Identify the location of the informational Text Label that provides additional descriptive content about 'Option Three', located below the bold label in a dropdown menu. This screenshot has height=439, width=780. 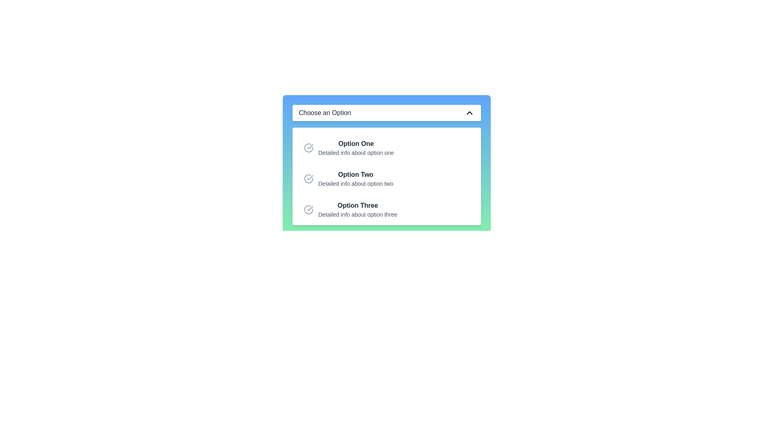
(357, 214).